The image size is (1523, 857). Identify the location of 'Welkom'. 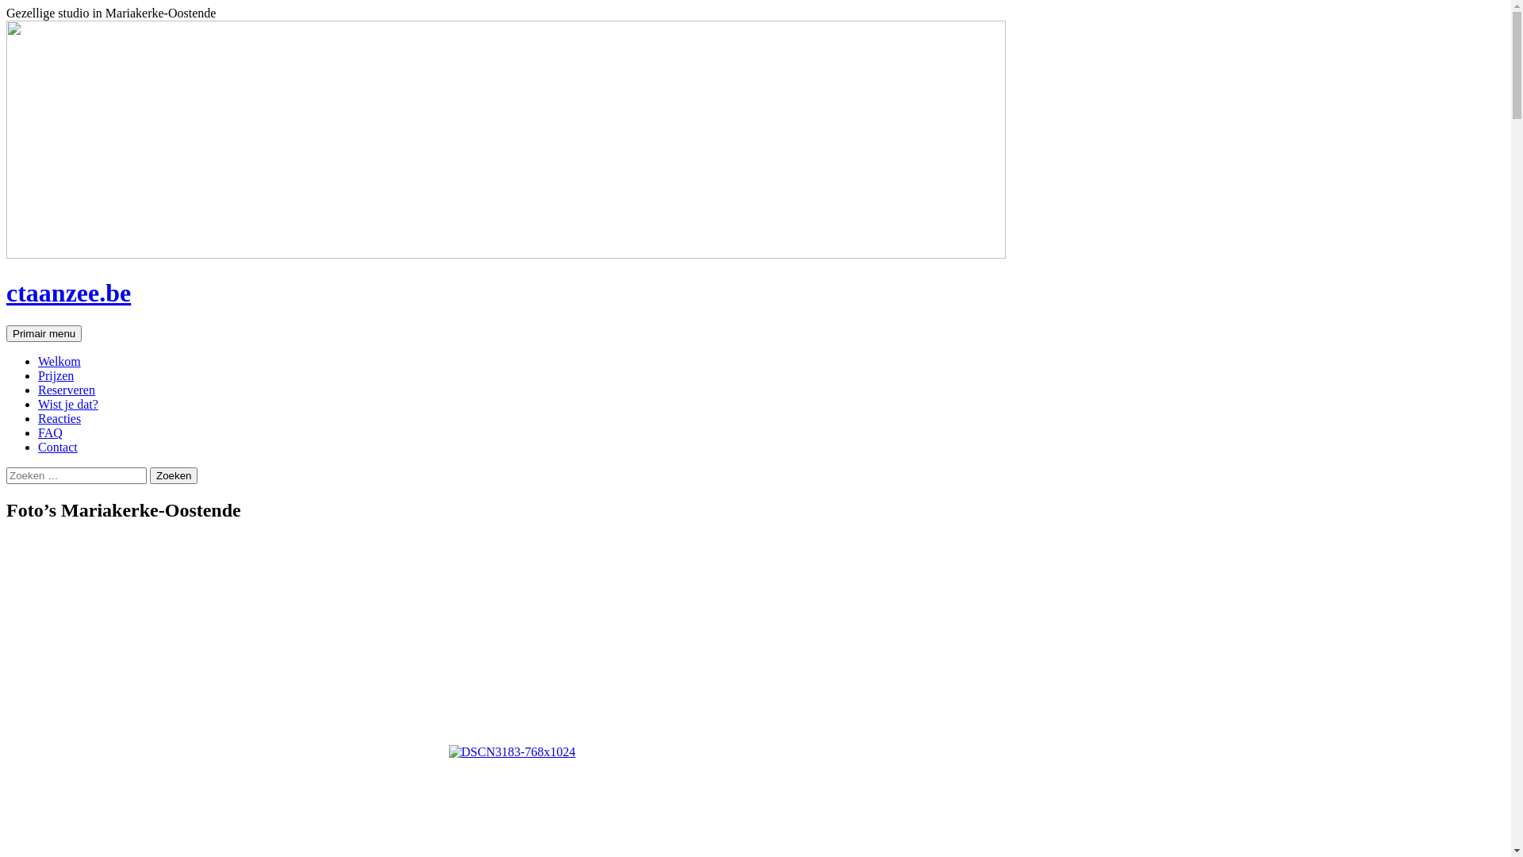
(59, 361).